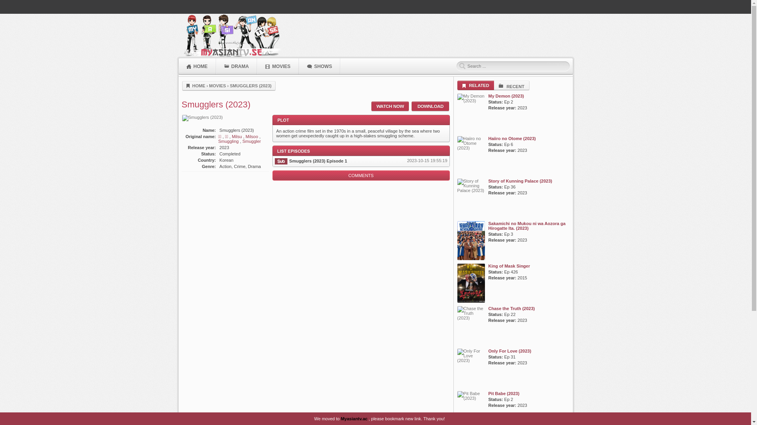 The image size is (757, 425). I want to click on 'Smugglers (2023) Episode 1', so click(289, 159).